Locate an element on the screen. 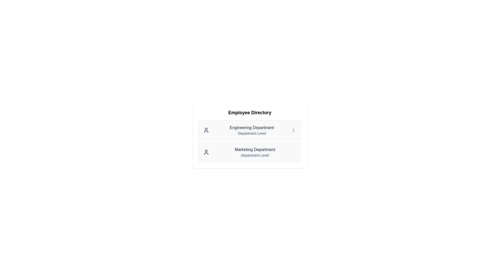 This screenshot has width=490, height=276. the interactive icon on the far-right side of the 'Engineering Department' entry in the 'Employee Directory' is located at coordinates (293, 130).